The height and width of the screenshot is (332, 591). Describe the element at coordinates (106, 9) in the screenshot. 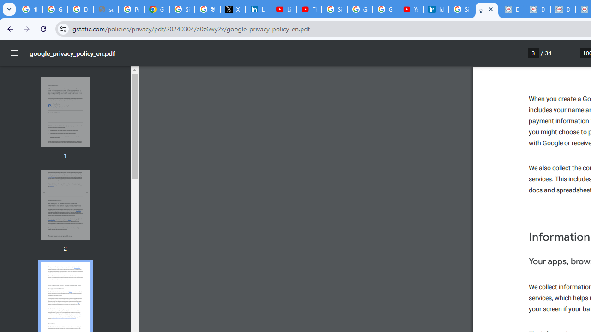

I see `'support.google.com - Network error'` at that location.